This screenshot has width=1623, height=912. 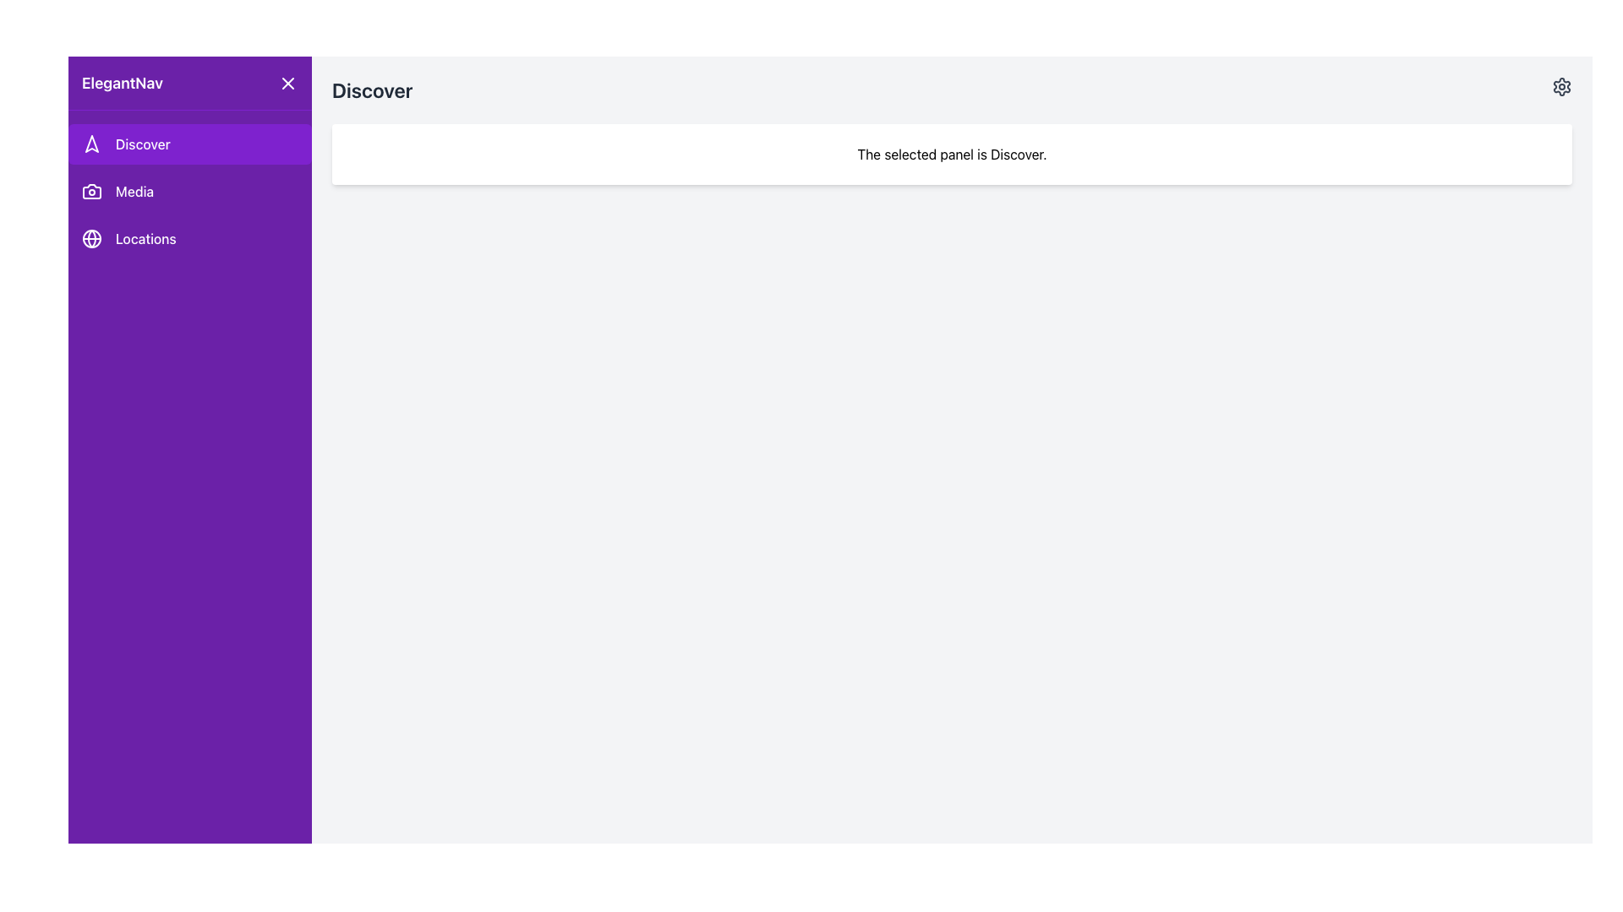 I want to click on the 'Locations' text label in the purple sidebar, so click(x=145, y=238).